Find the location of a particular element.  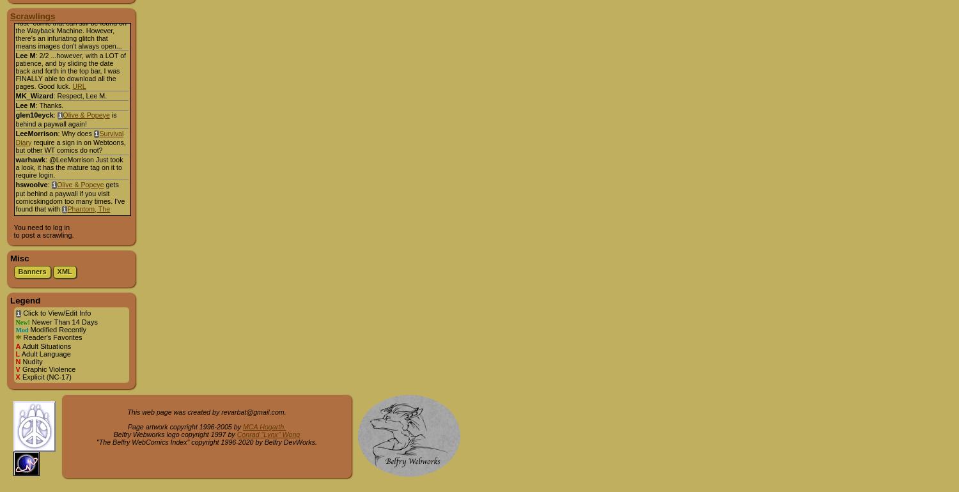

'Adult Language' is located at coordinates (20, 353).